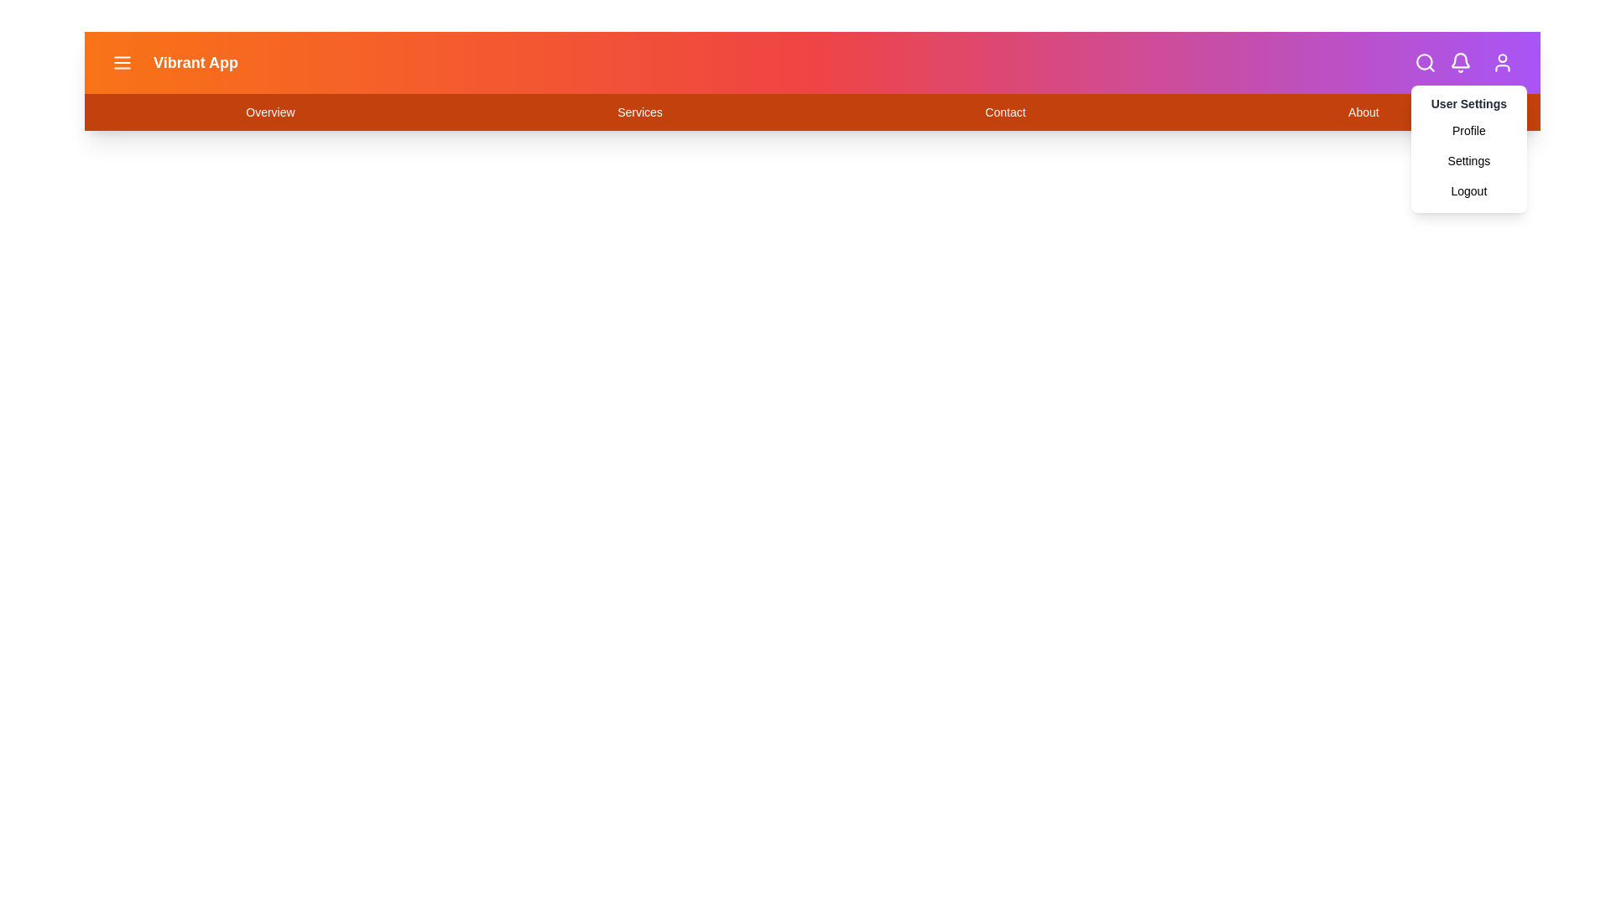 The height and width of the screenshot is (906, 1611). Describe the element at coordinates (1468, 129) in the screenshot. I see `the Profile option from the user settings dropdown` at that location.